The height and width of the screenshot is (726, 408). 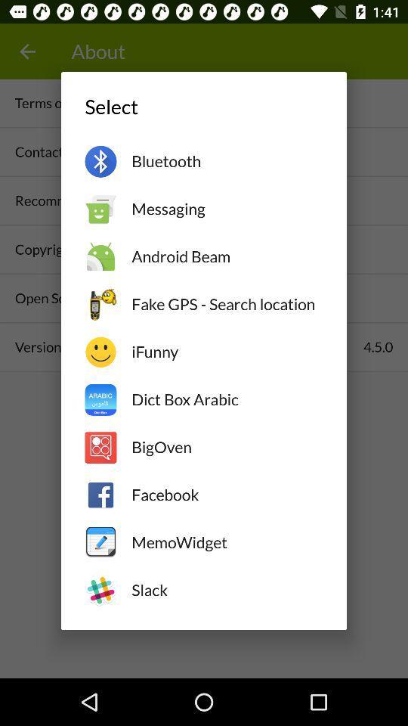 I want to click on item below the memowidget, so click(x=226, y=589).